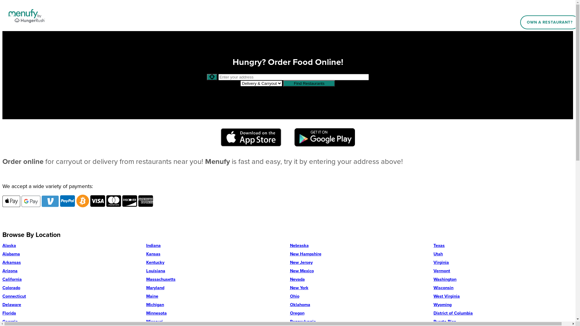 This screenshot has width=580, height=326. What do you see at coordinates (90, 201) in the screenshot?
I see `'Accepts Visa'` at bounding box center [90, 201].